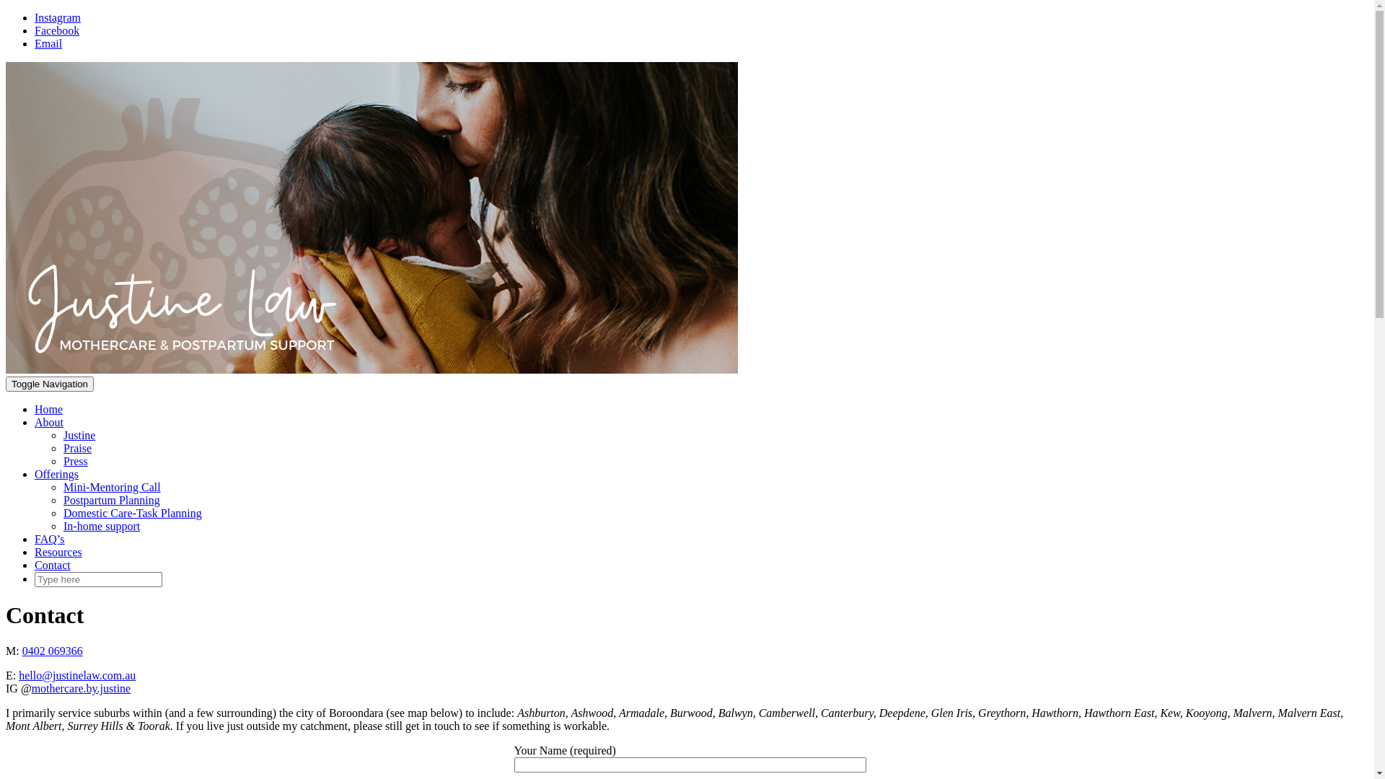 This screenshot has width=1385, height=779. I want to click on 'Facebook', so click(56, 30).